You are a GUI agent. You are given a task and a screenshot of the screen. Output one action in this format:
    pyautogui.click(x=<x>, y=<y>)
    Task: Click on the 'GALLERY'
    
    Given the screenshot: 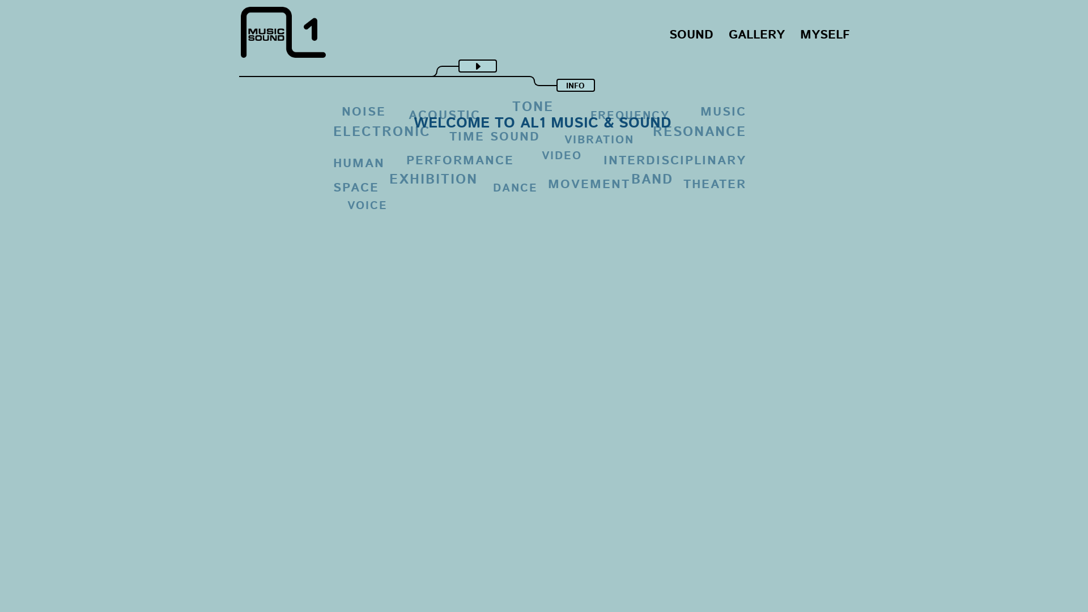 What is the action you would take?
    pyautogui.click(x=756, y=34)
    